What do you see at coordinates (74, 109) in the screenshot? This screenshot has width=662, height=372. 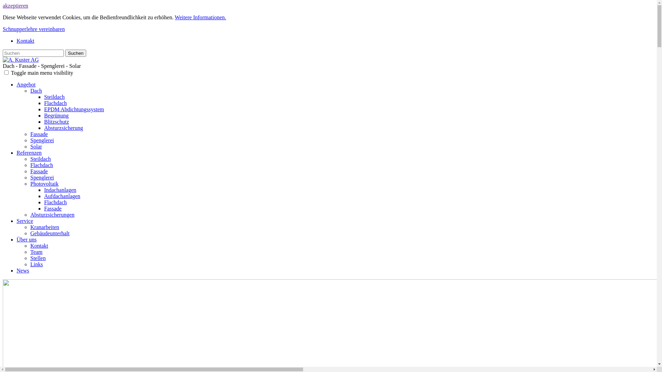 I see `'EPDM Abdichtungssystem'` at bounding box center [74, 109].